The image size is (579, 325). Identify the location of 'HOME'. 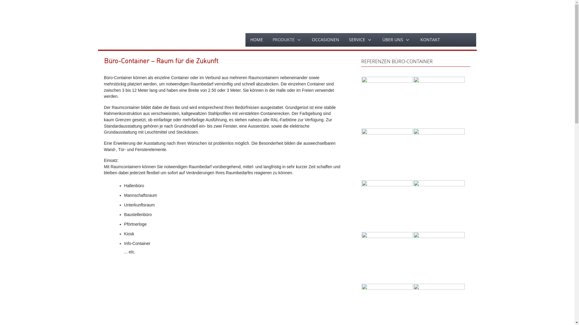
(245, 39).